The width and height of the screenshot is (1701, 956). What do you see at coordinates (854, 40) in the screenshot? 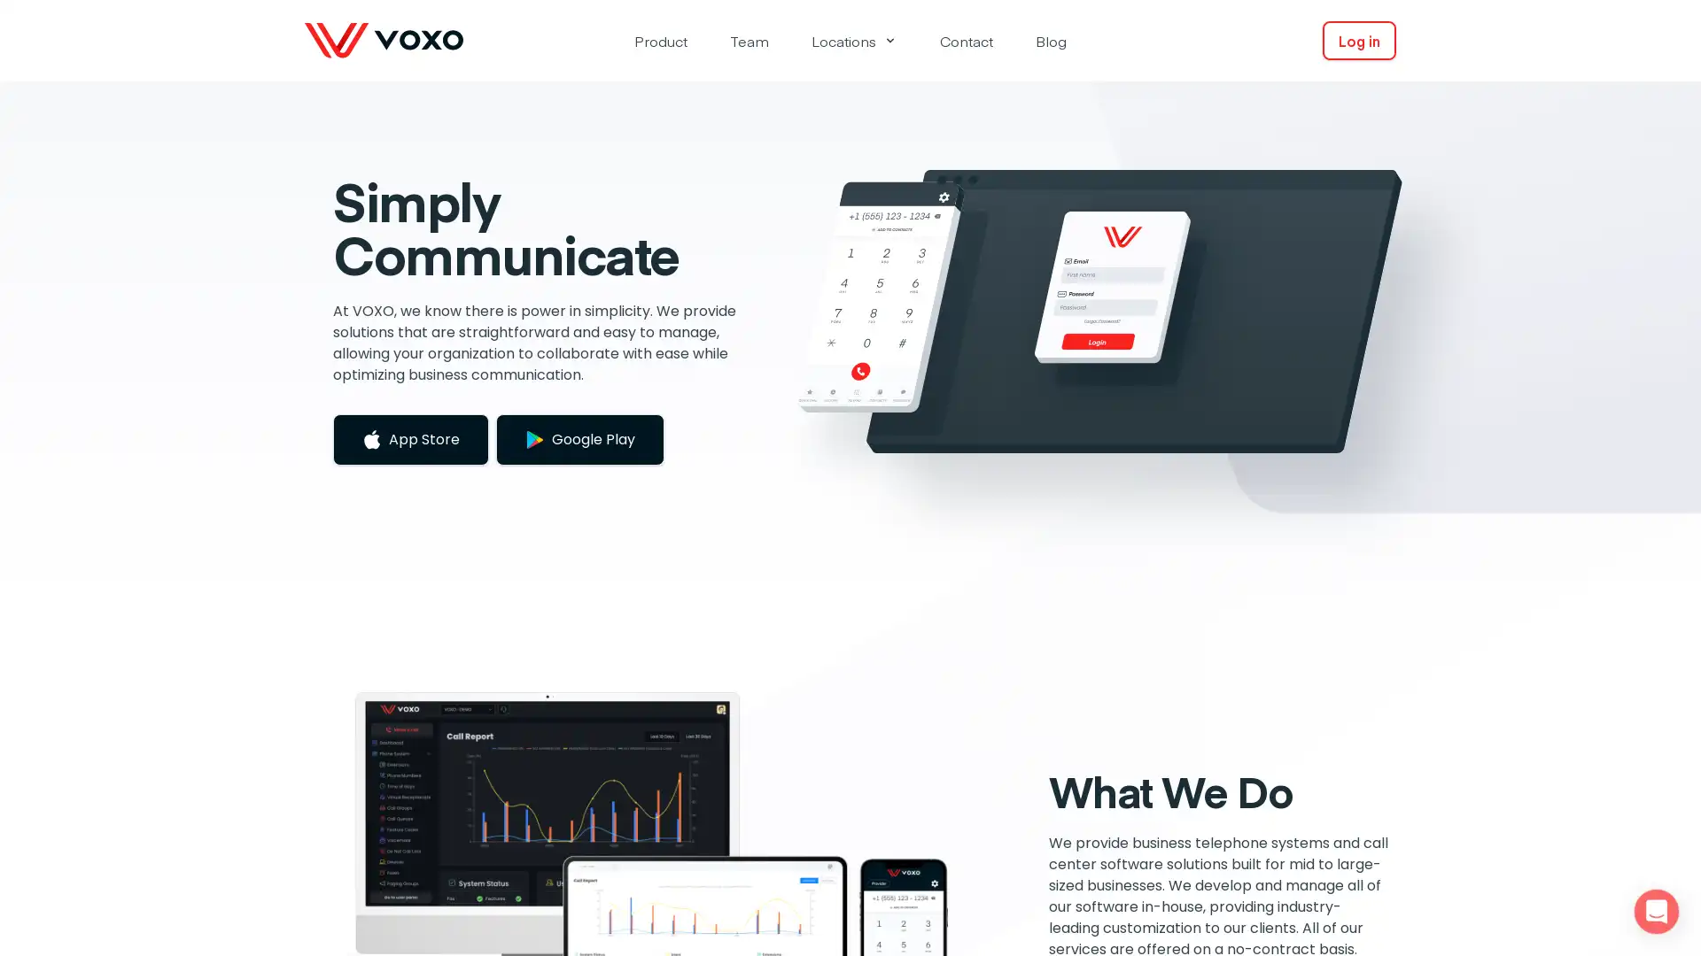
I see `Locations` at bounding box center [854, 40].